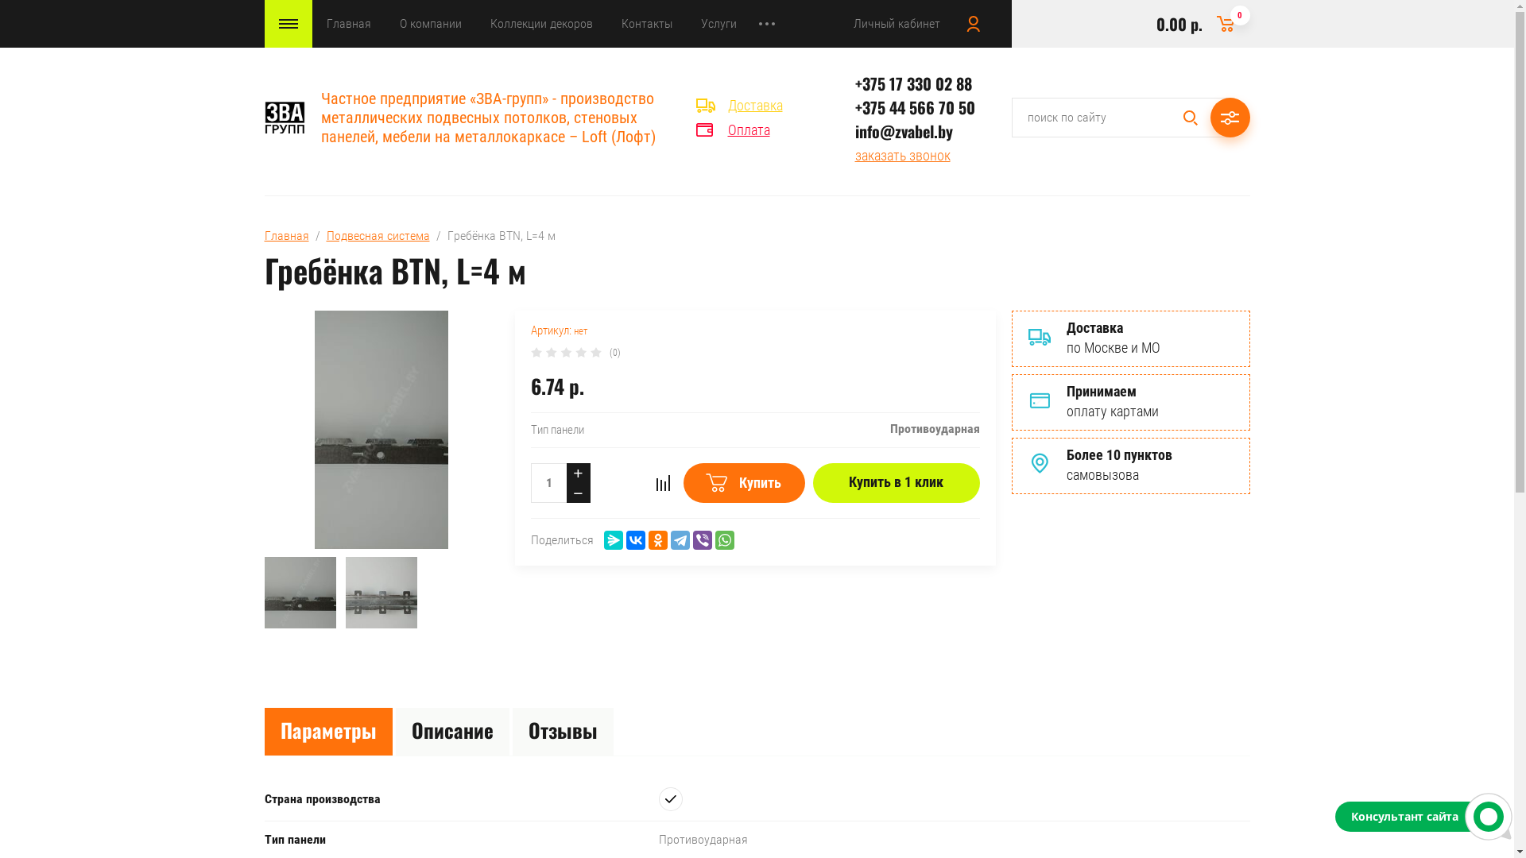 The height and width of the screenshot is (858, 1526). Describe the element at coordinates (854, 83) in the screenshot. I see `'+375 17 330 02 88'` at that location.